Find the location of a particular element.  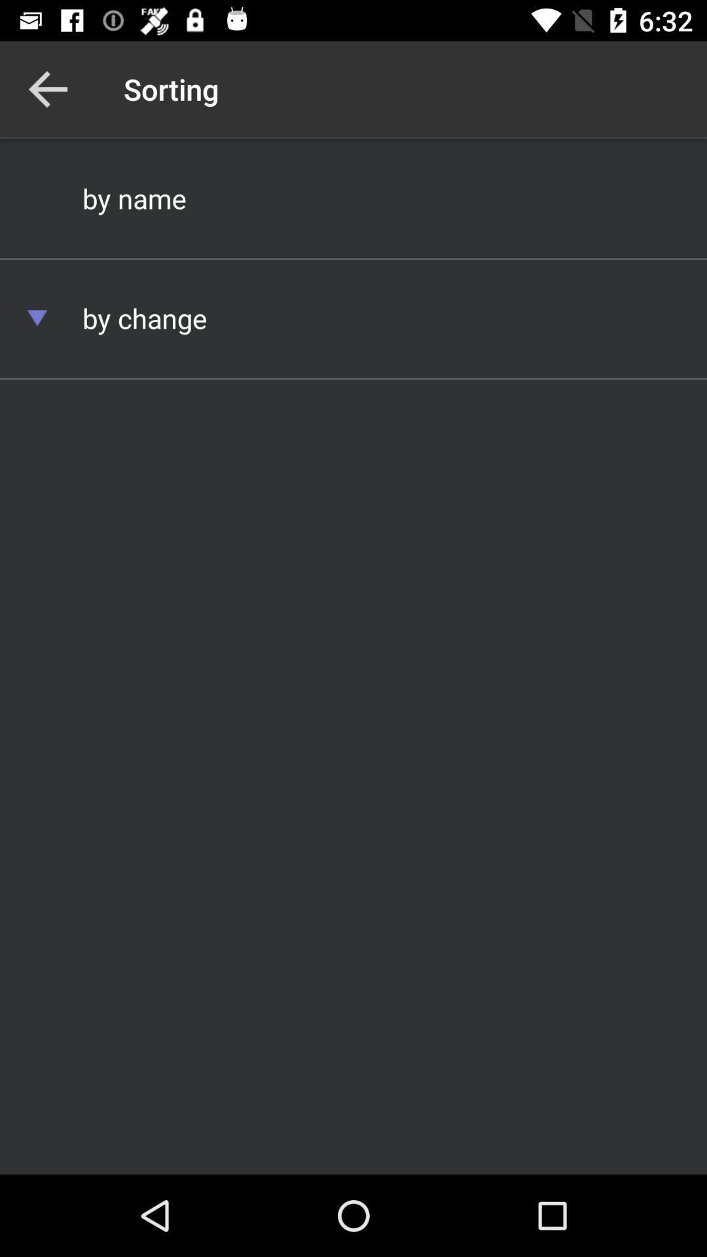

go back is located at coordinates (47, 88).